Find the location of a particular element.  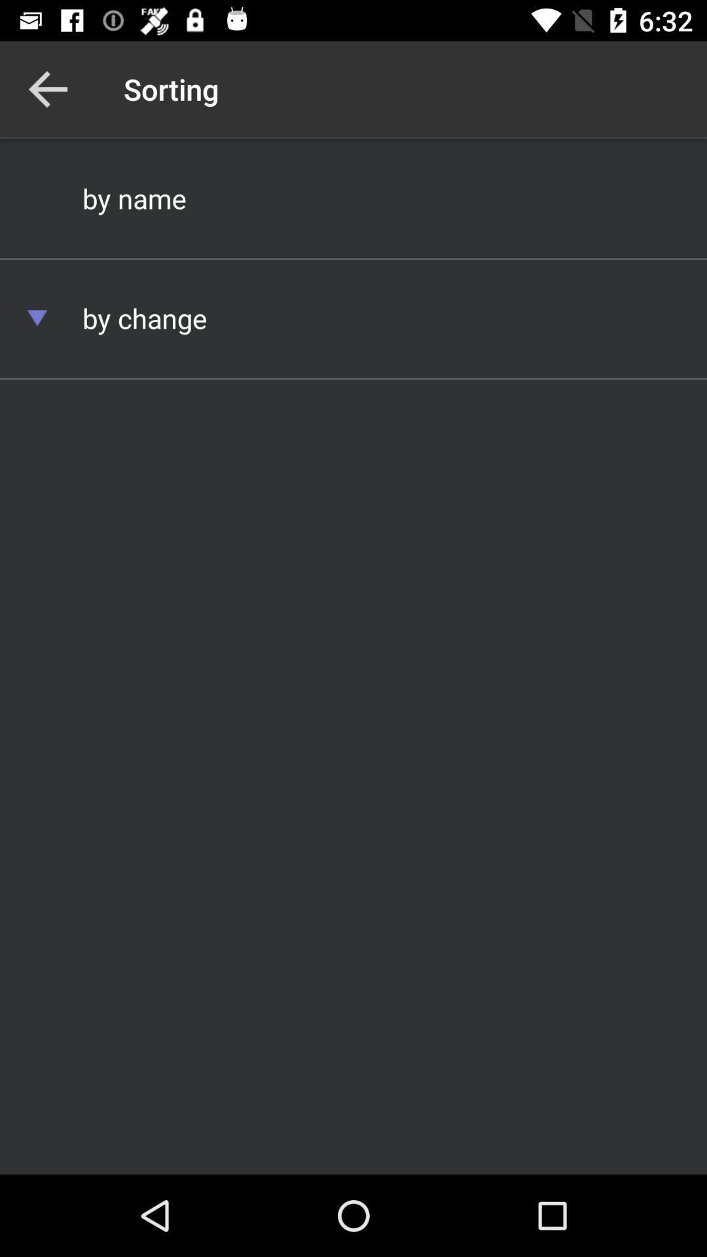

go back is located at coordinates (47, 88).